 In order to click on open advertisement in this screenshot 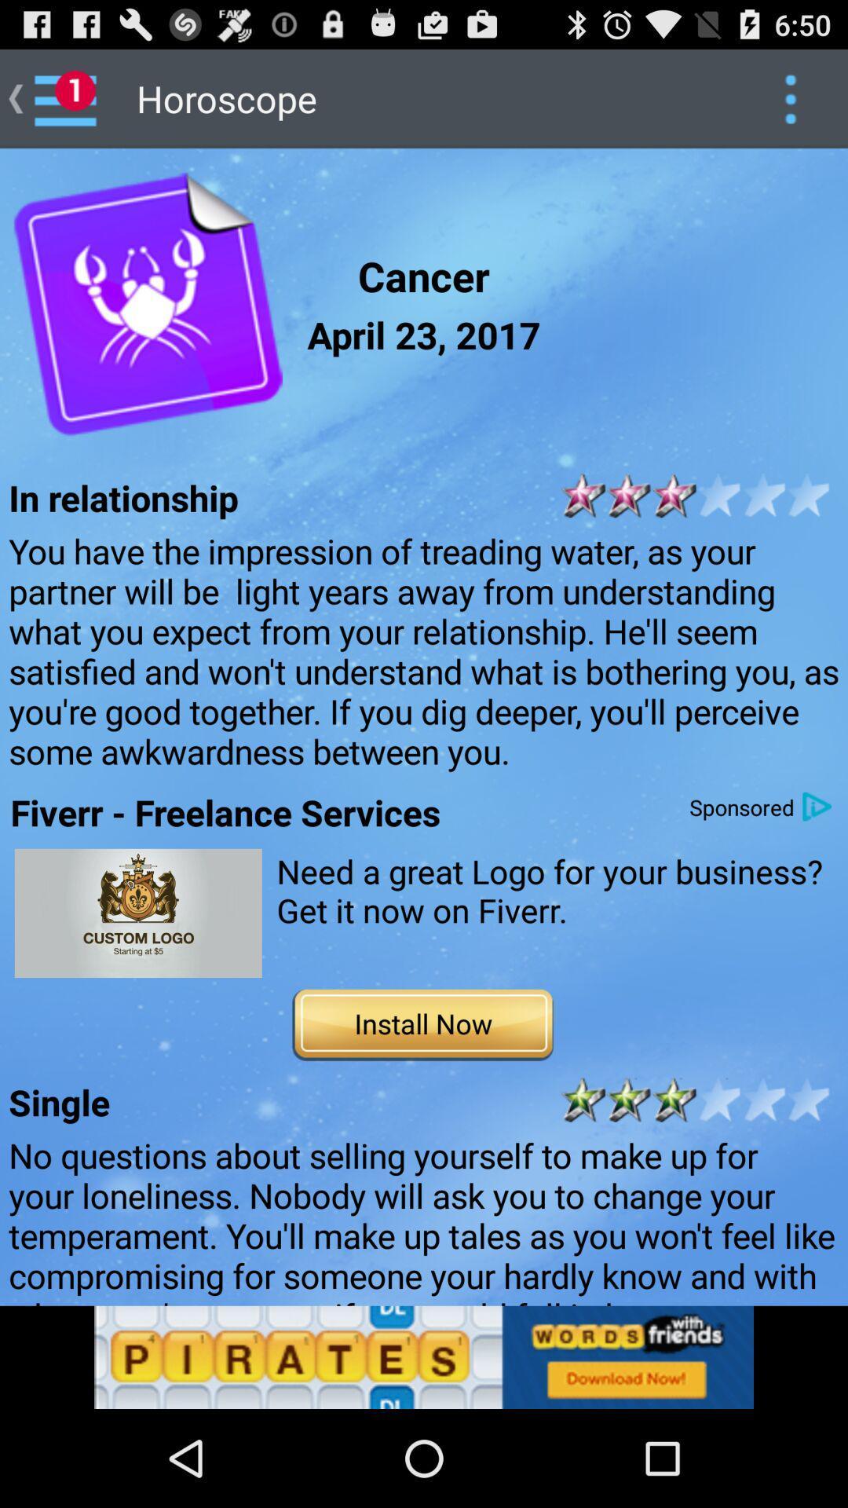, I will do `click(137, 913)`.